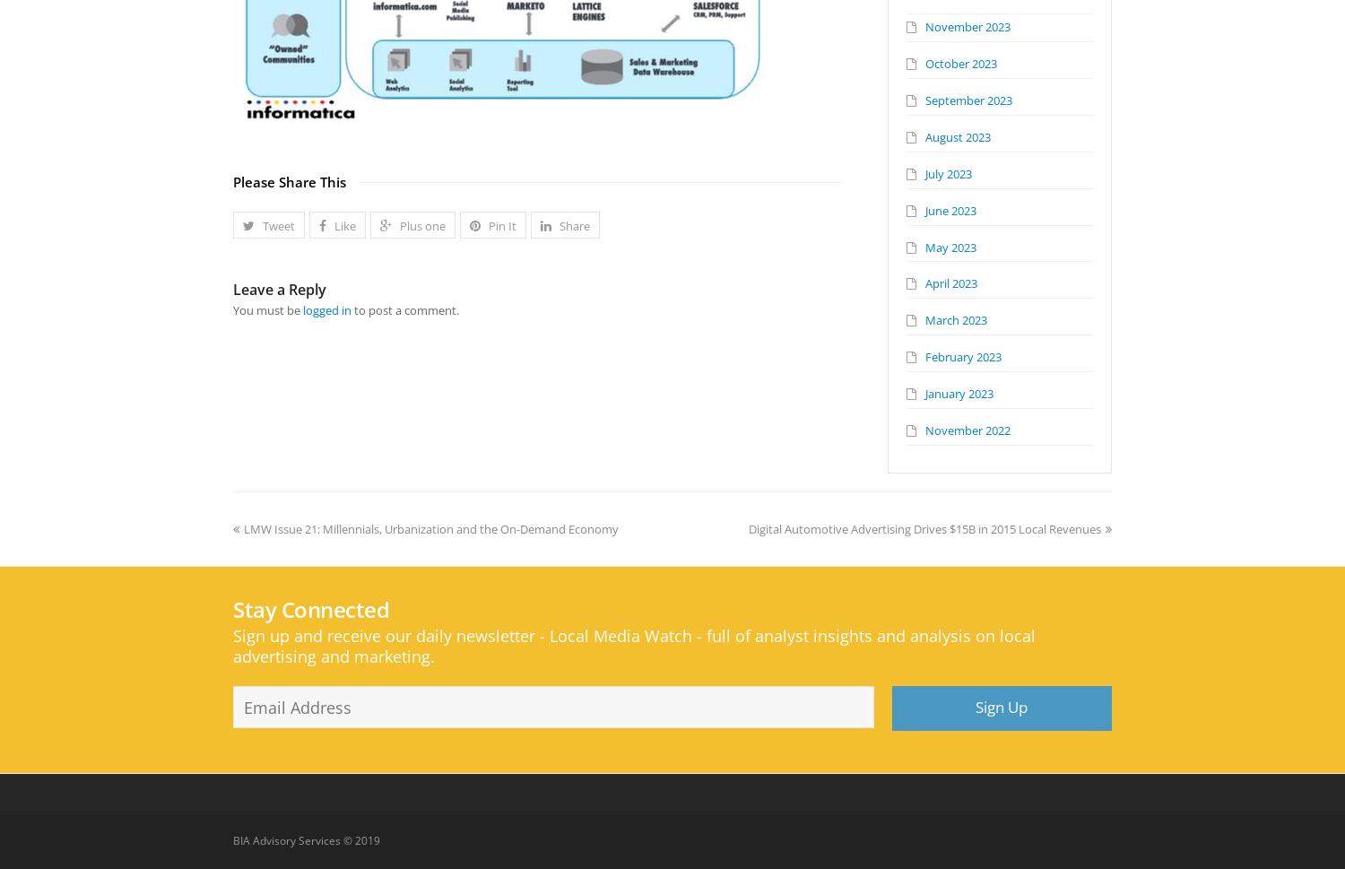 The image size is (1345, 869). I want to click on 'Please Share This', so click(288, 181).